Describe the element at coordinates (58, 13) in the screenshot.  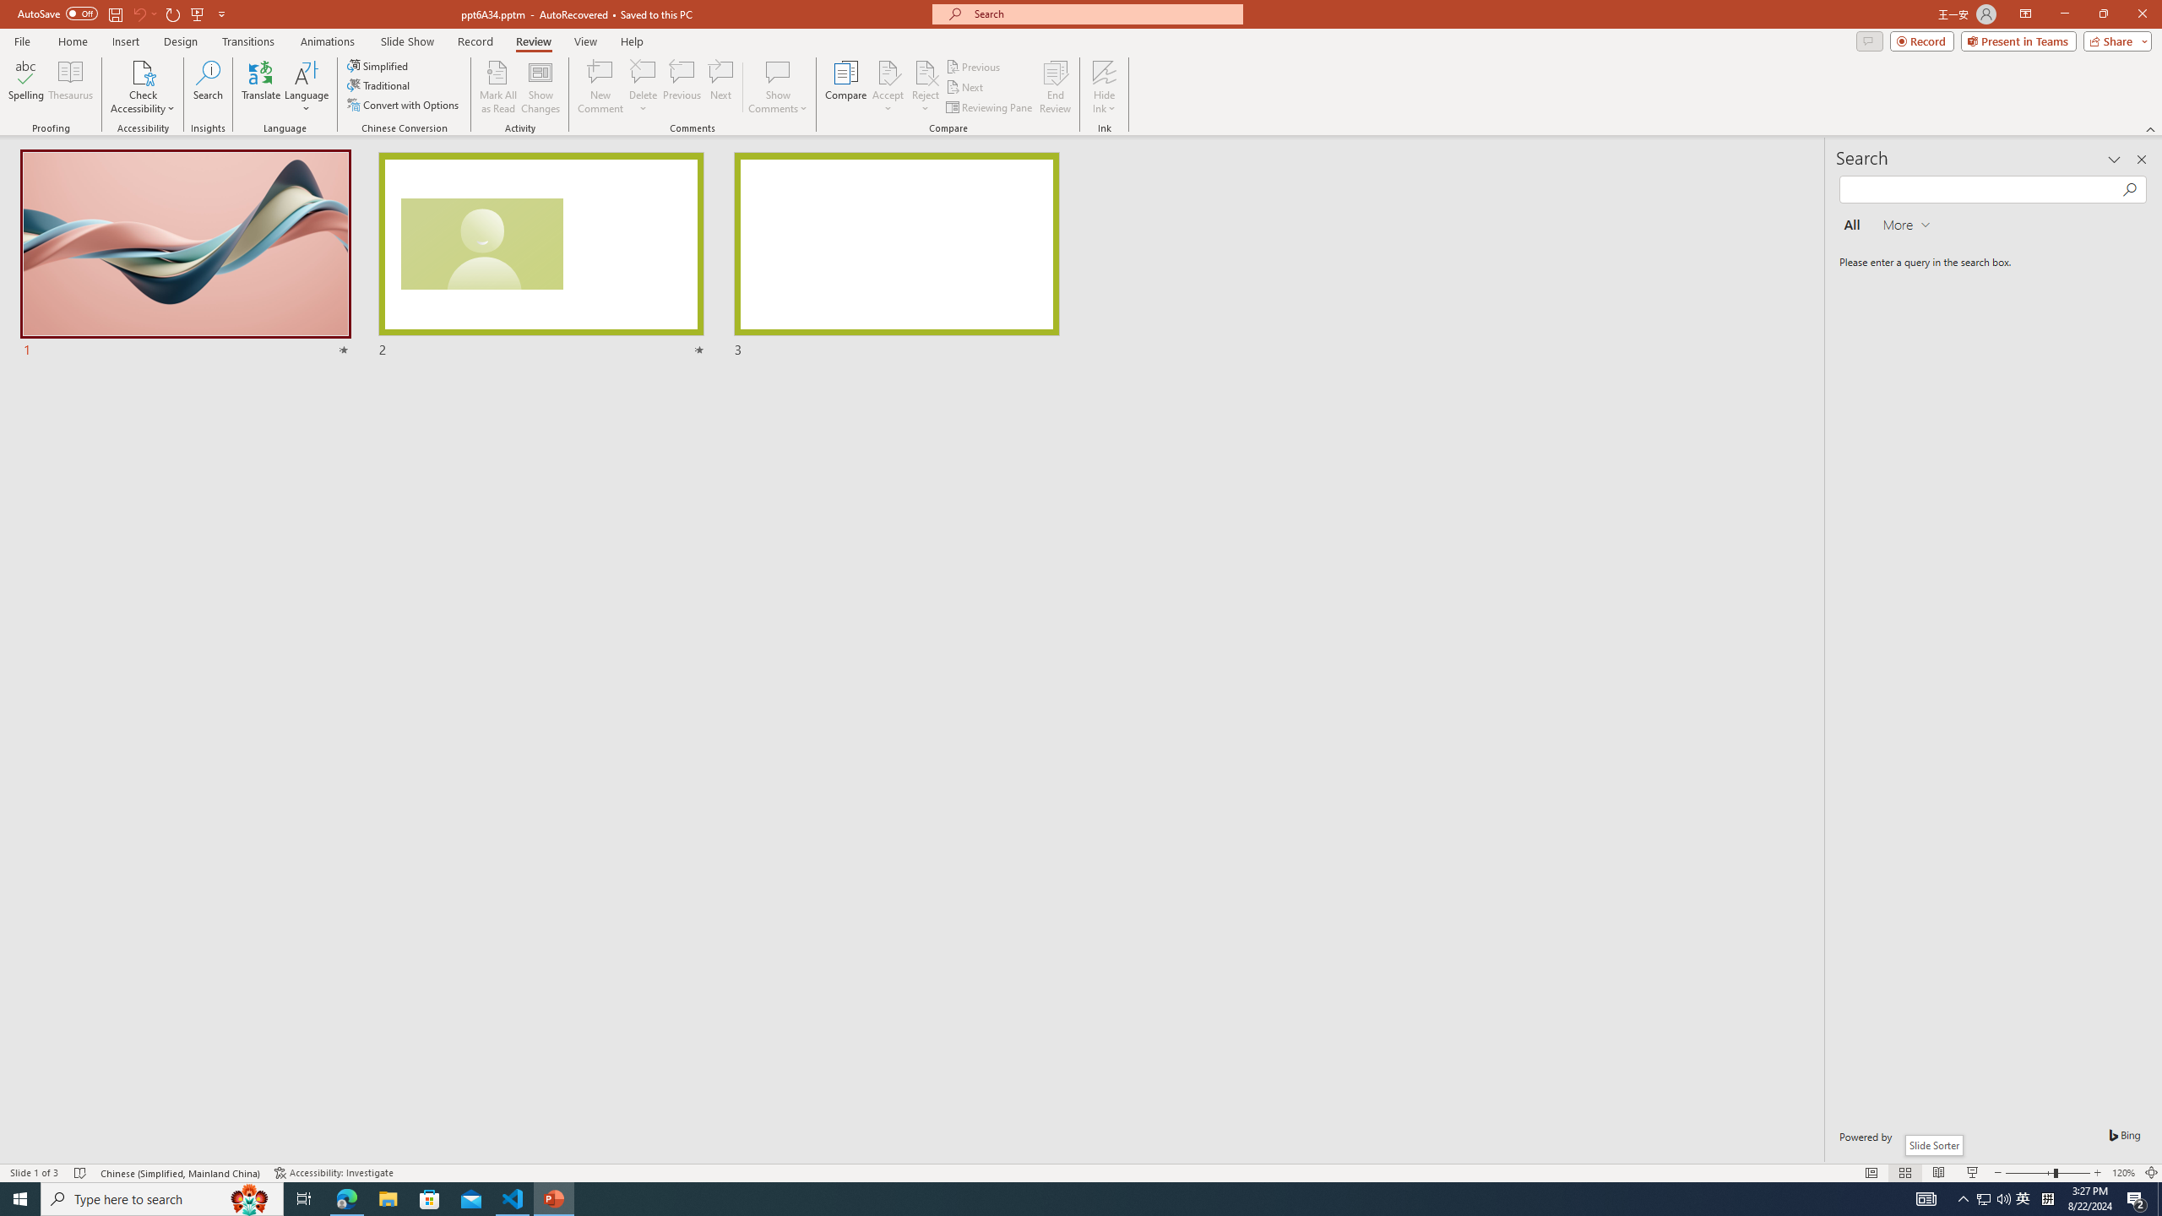
I see `'AutoSave'` at that location.